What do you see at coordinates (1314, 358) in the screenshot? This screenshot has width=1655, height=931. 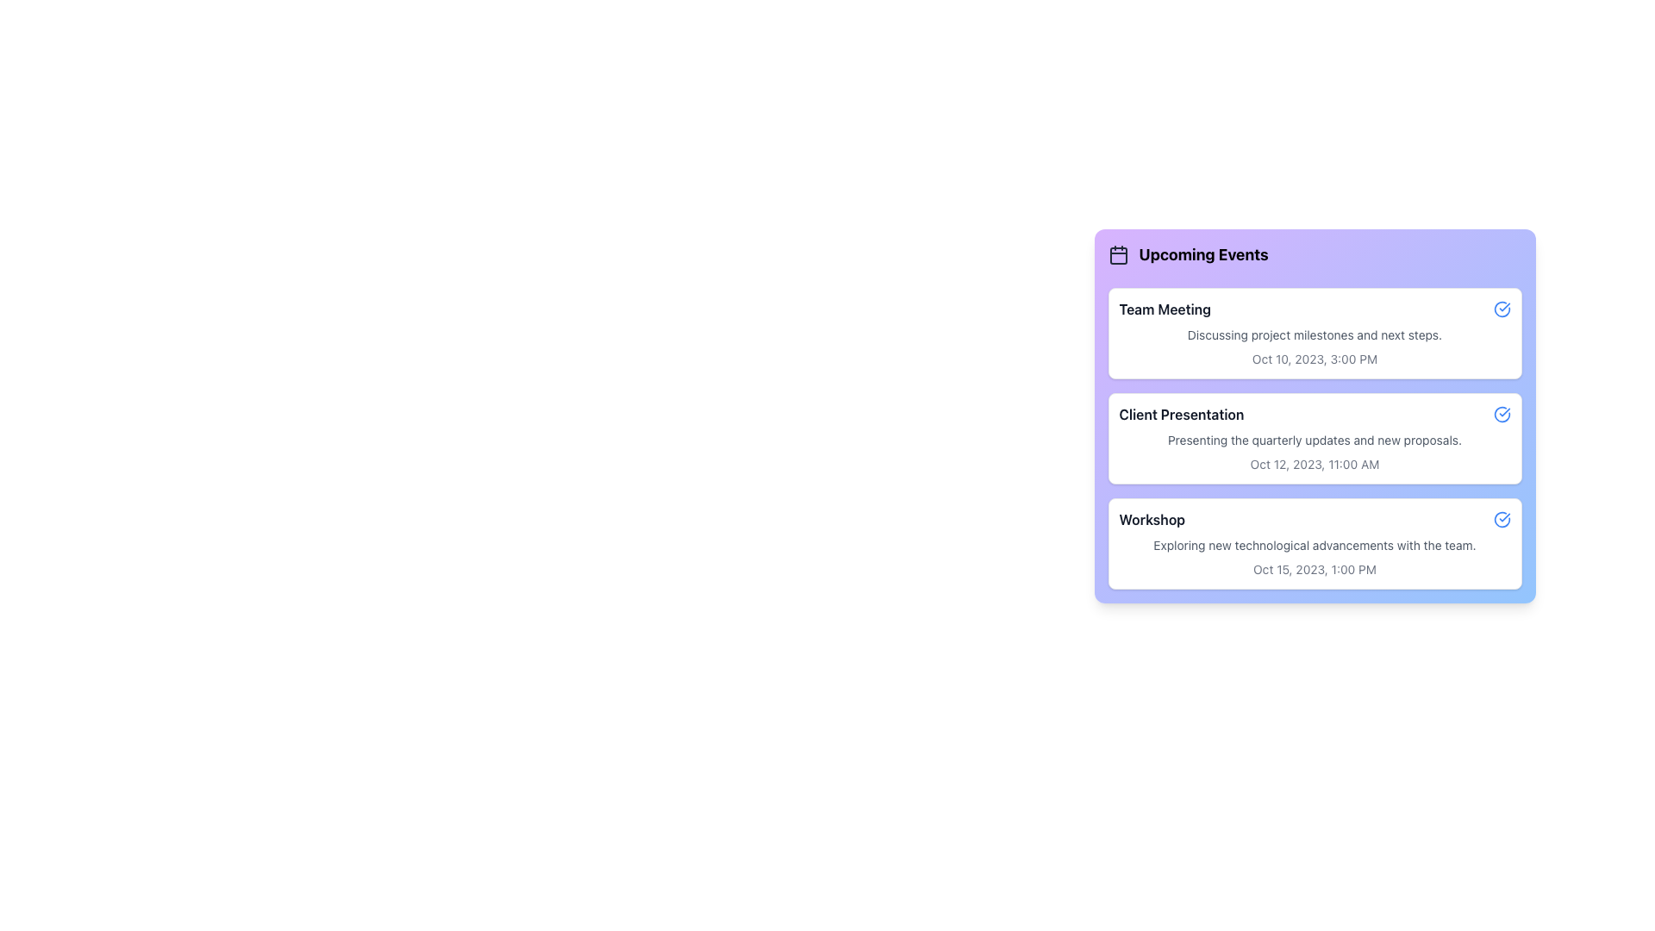 I see `the date and time text located in the lower section of the 'Team Meeting' event summary card, directly beneath the event description text` at bounding box center [1314, 358].